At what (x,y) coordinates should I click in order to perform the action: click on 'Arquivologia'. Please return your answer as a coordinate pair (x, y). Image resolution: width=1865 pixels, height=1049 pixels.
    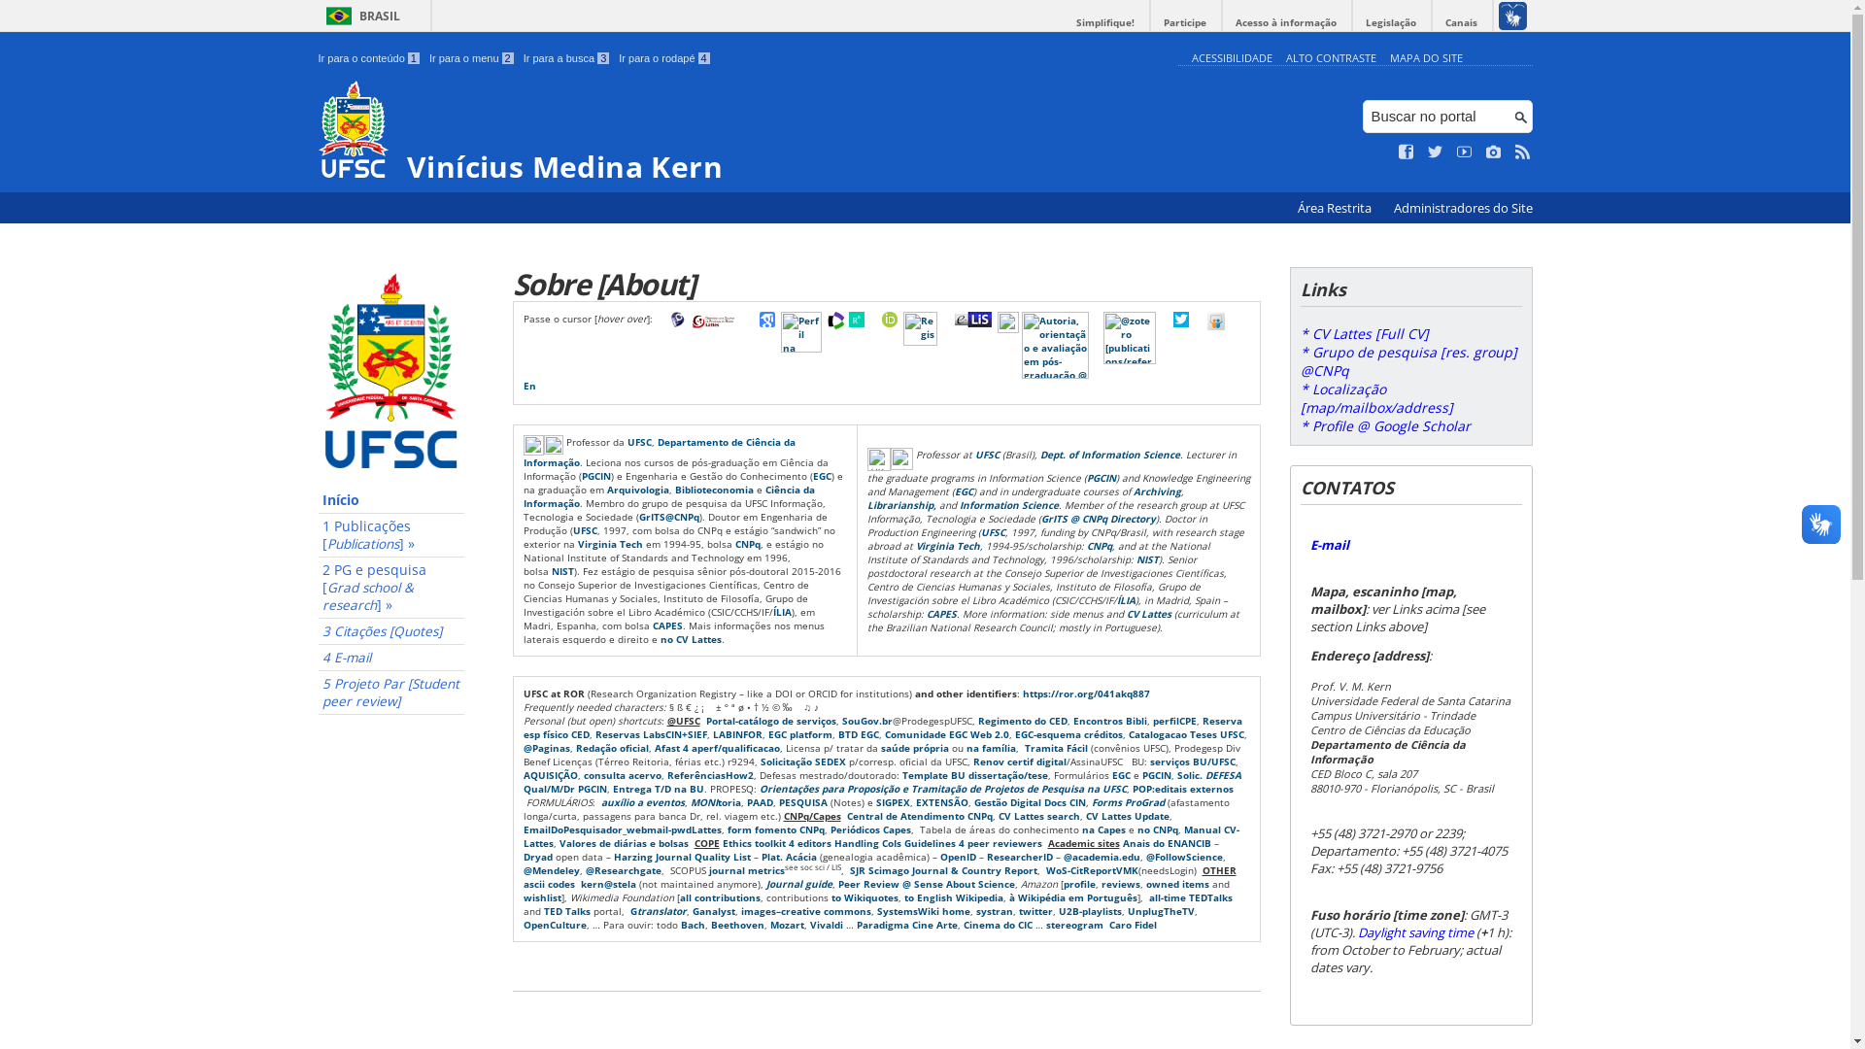
    Looking at the image, I should click on (637, 489).